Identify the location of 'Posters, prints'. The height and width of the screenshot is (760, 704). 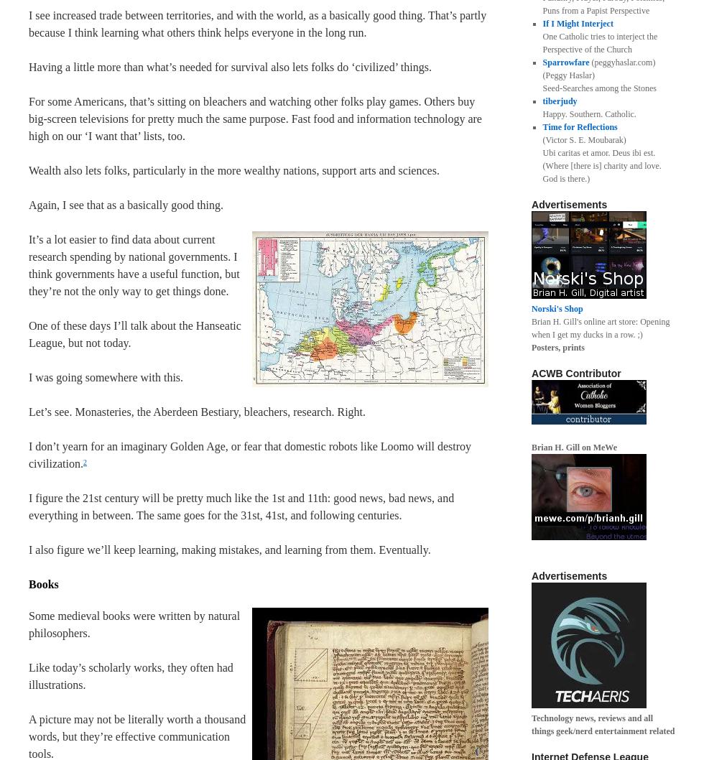
(531, 347).